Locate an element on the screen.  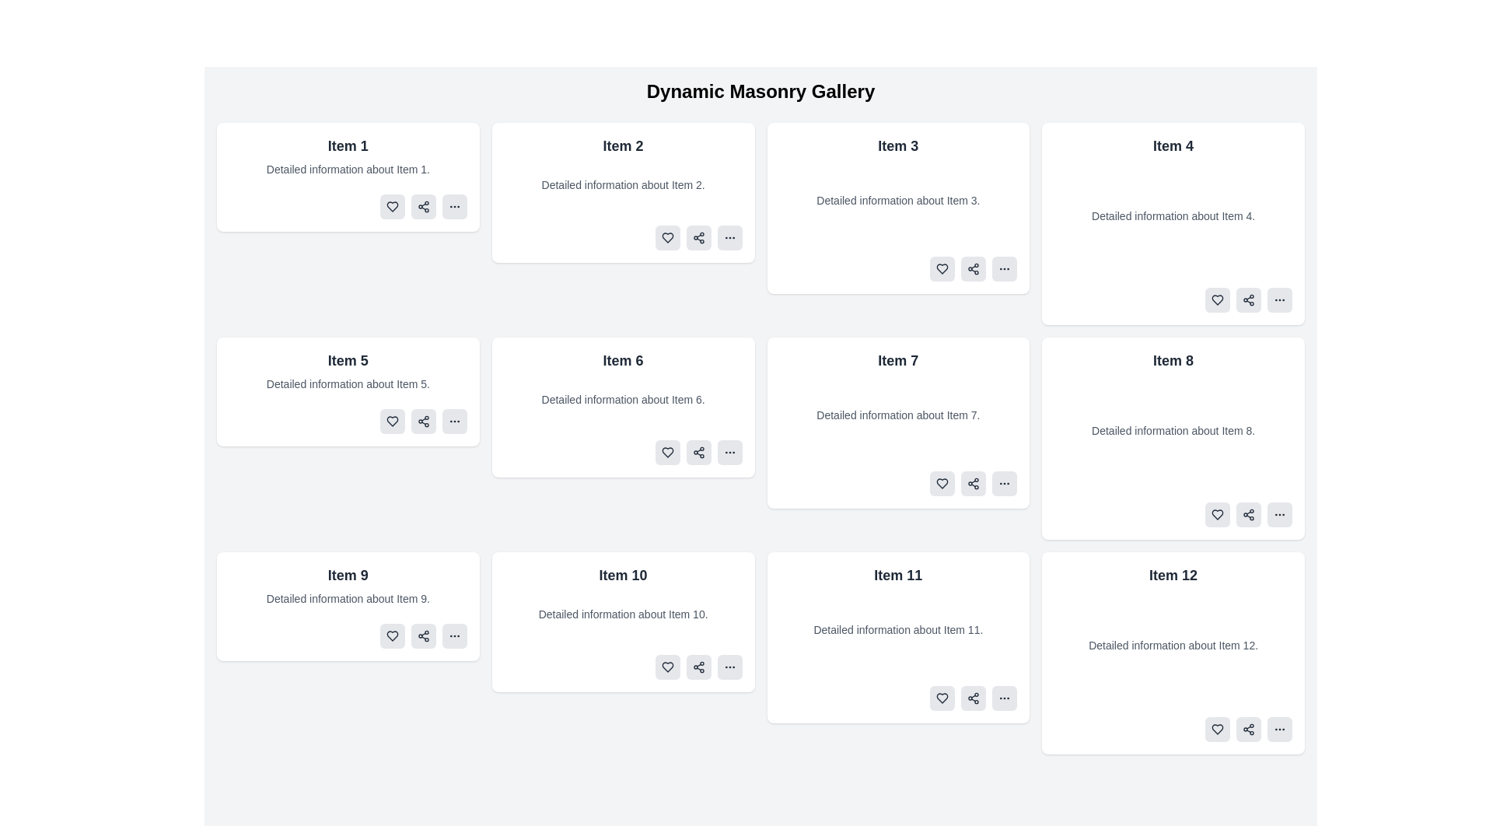
the text block that provides additional details about Item 4, located in the second row of the grid, under Item 4, between the title and action buttons is located at coordinates (1173, 215).